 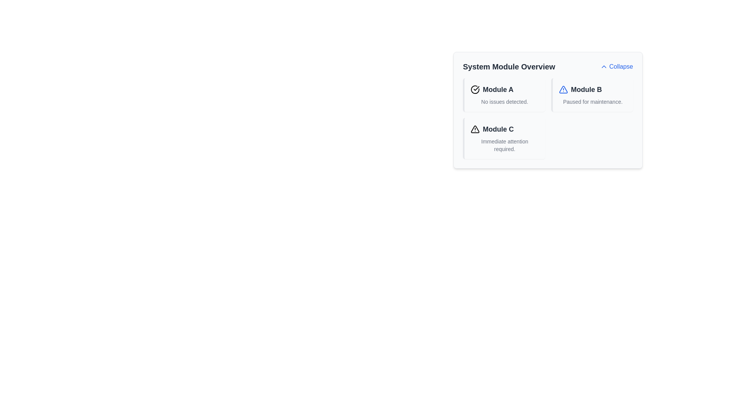 I want to click on text from the Text Label displaying 'No issues detected.' located in the bottom section of the notification card for 'Module A', so click(x=505, y=101).